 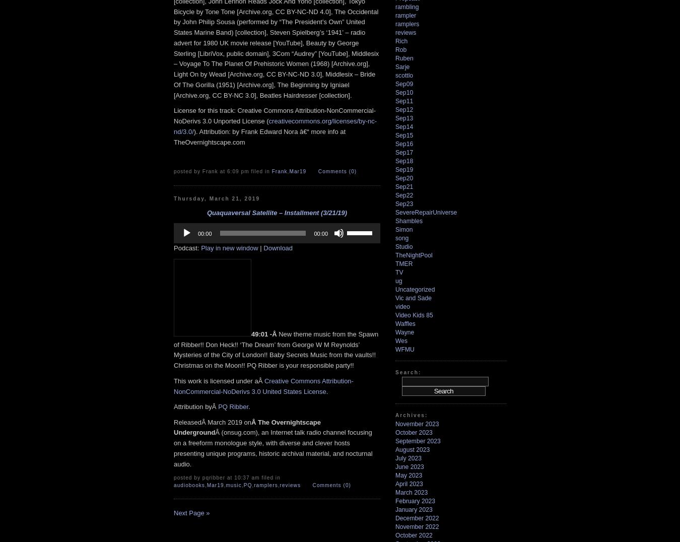 I want to click on 'Sep15', so click(x=404, y=135).